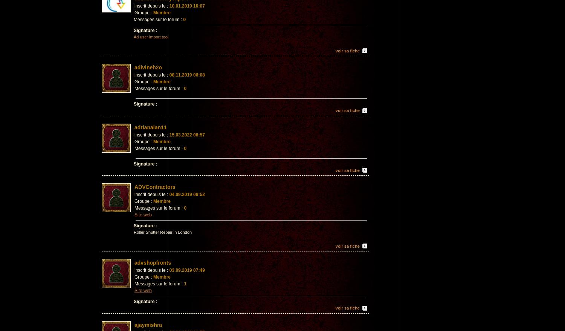  Describe the element at coordinates (168, 195) in the screenshot. I see `'04.09.2019 08:52'` at that location.